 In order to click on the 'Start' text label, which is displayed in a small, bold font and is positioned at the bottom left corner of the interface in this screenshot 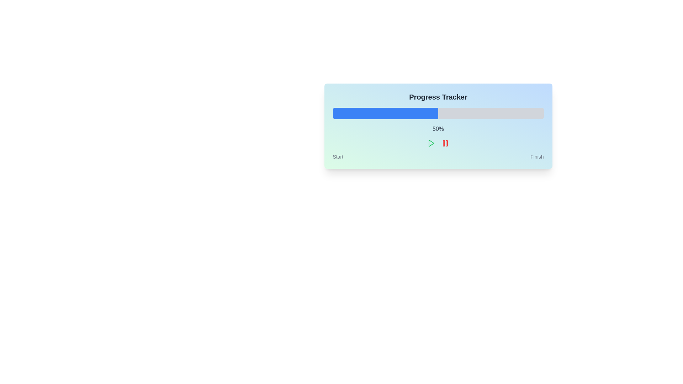, I will do `click(338, 156)`.